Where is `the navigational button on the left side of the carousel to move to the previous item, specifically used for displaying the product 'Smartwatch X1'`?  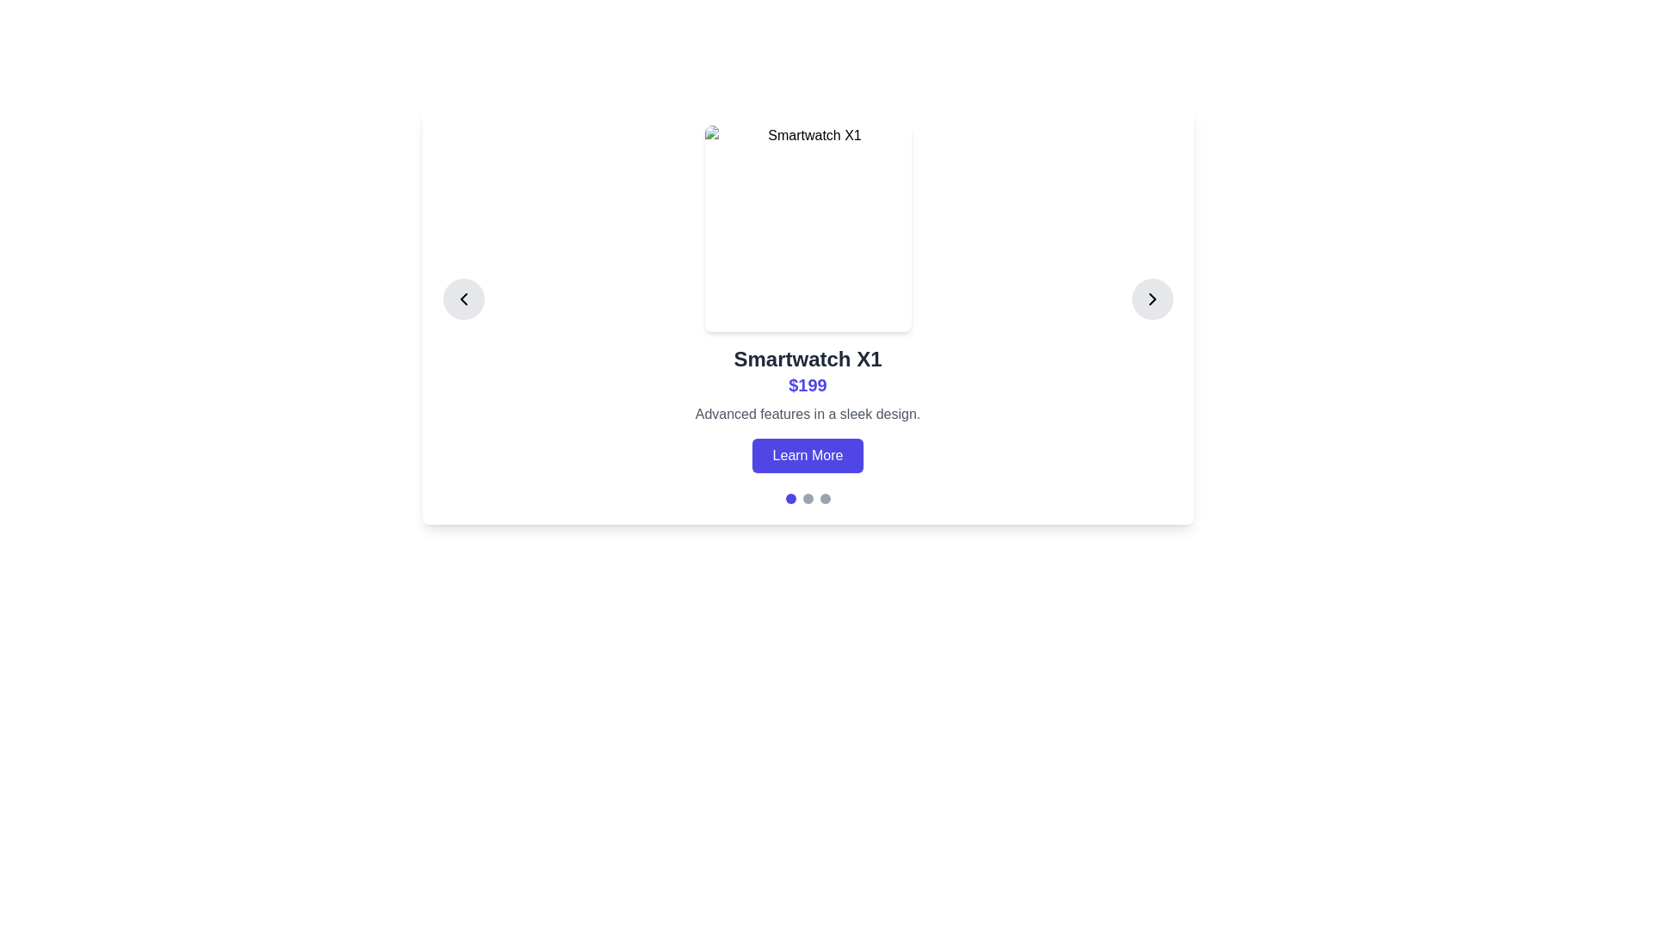
the navigational button on the left side of the carousel to move to the previous item, specifically used for displaying the product 'Smartwatch X1' is located at coordinates (463, 298).